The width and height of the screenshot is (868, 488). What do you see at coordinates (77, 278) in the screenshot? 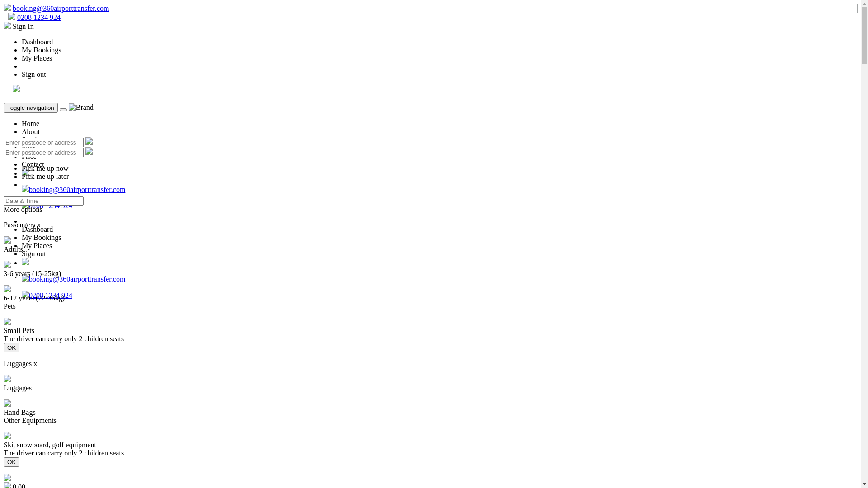
I see `'booking@360airporttransfer.com'` at bounding box center [77, 278].